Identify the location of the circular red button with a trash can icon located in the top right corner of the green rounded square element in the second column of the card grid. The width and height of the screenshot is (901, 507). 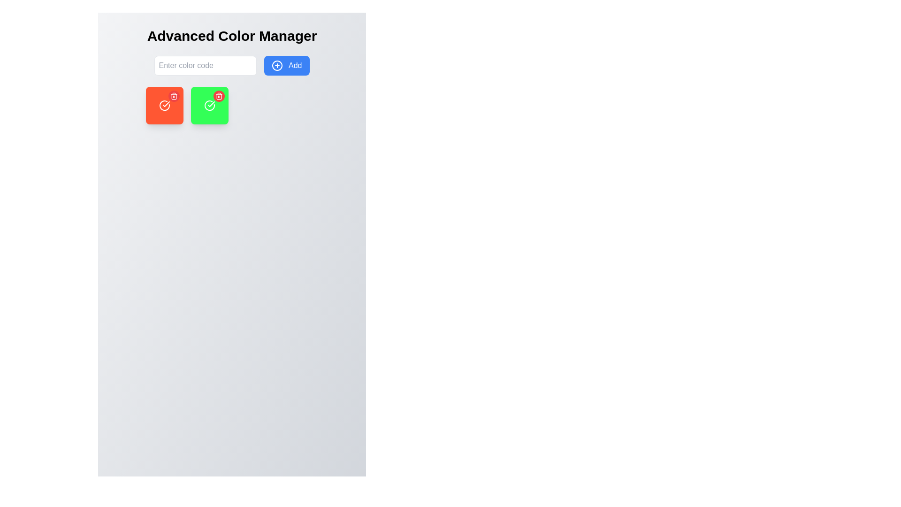
(218, 96).